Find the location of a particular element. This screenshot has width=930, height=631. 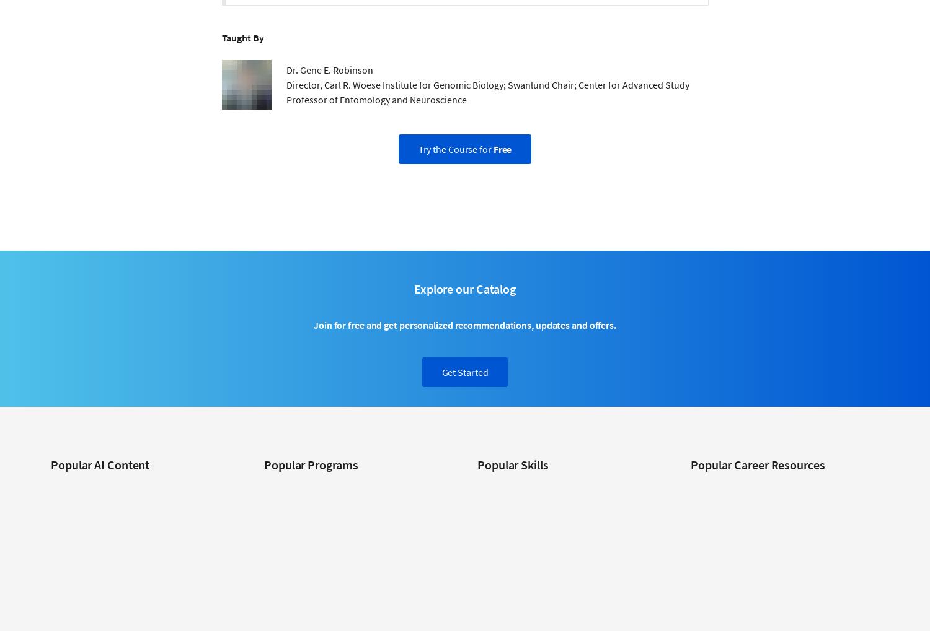

'Google Data Analytics Professional Certificate' is located at coordinates (348, 506).